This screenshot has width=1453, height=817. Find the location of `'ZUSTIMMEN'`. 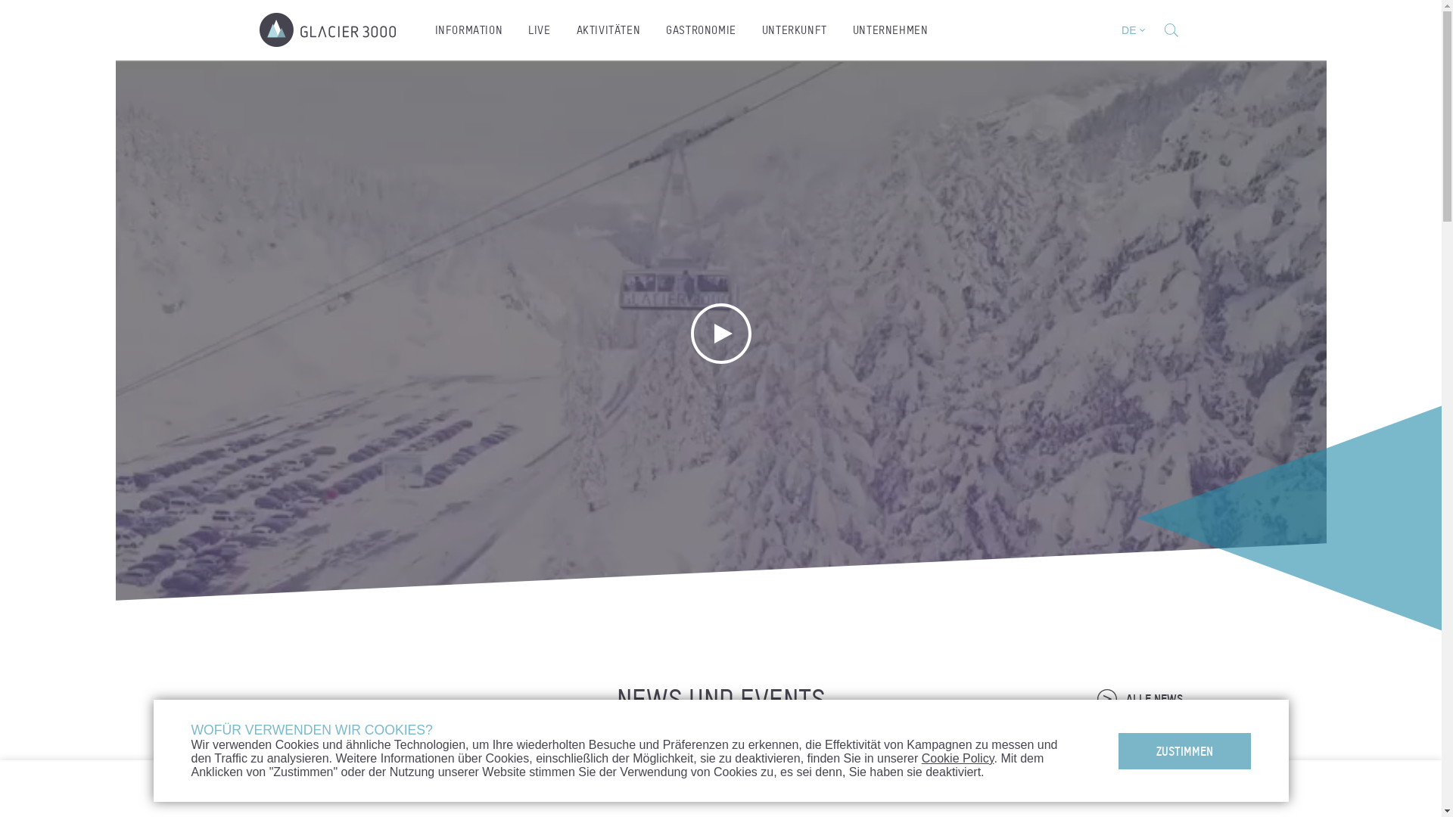

'ZUSTIMMEN' is located at coordinates (1119, 750).